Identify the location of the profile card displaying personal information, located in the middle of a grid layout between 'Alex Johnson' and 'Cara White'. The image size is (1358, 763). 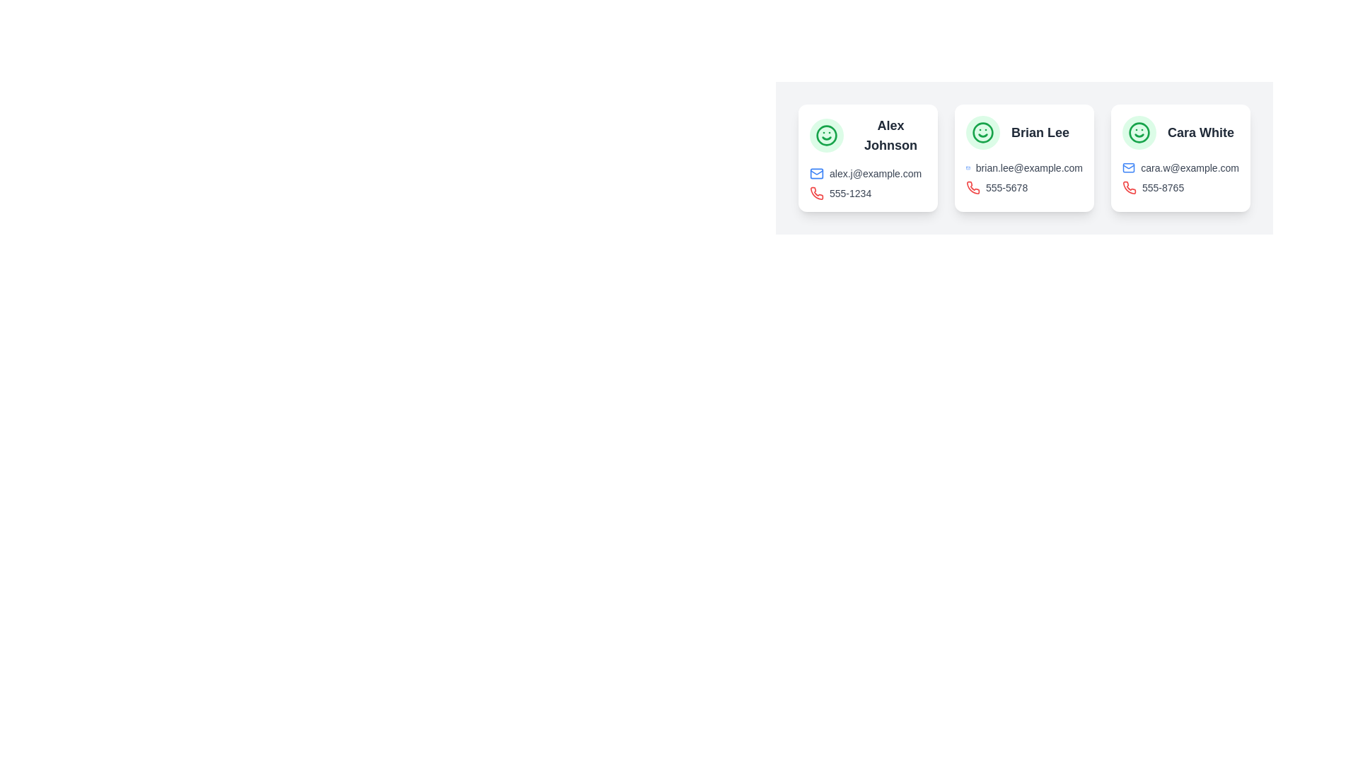
(1024, 158).